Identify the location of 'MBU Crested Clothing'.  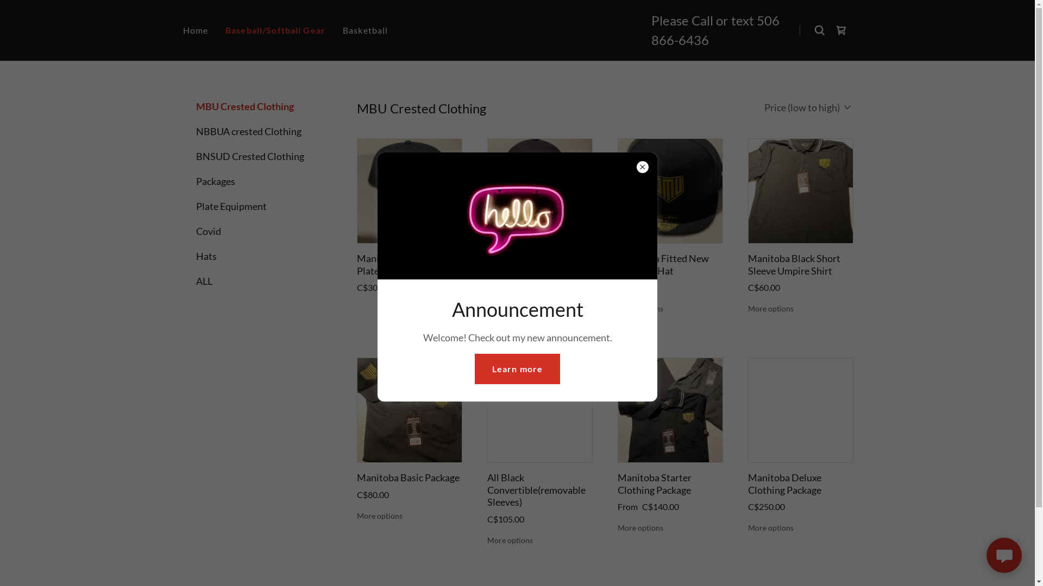
(255, 106).